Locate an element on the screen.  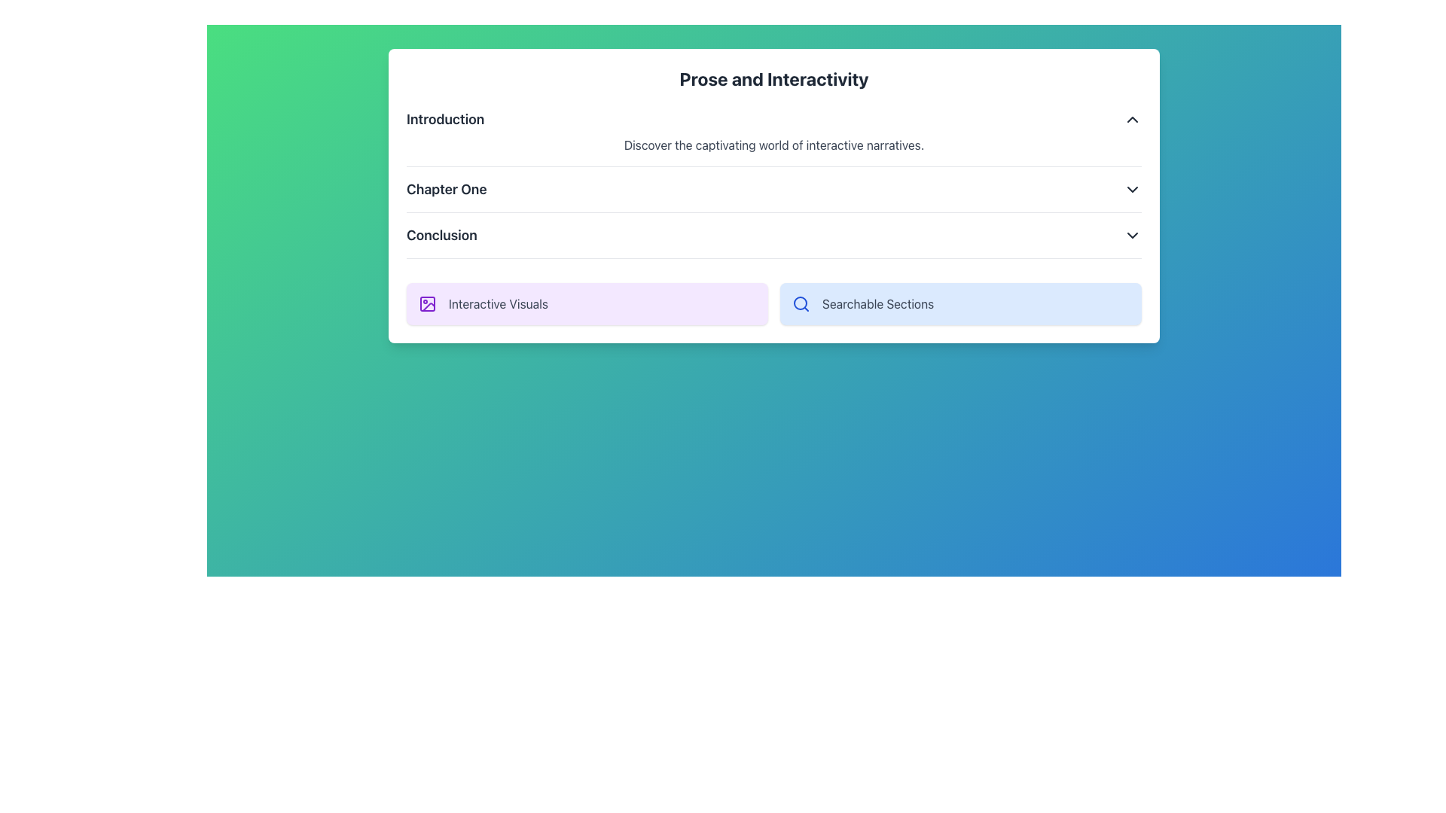
the text label that serves as the section title for the third section, located in the main content area above the dropdown arrow icon is located at coordinates (441, 235).